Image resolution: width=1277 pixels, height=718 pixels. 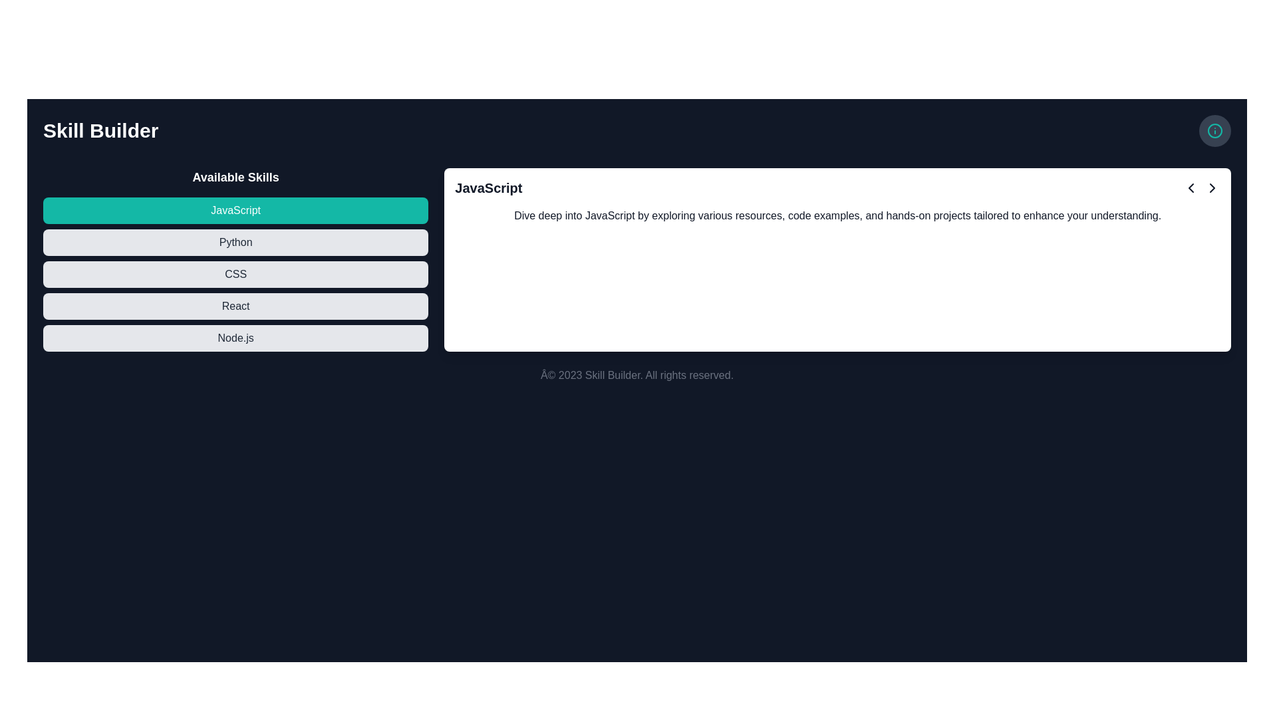 What do you see at coordinates (235, 273) in the screenshot?
I see `the selectable skill option 'CSS' in the skill selection interface via keyboard navigation` at bounding box center [235, 273].